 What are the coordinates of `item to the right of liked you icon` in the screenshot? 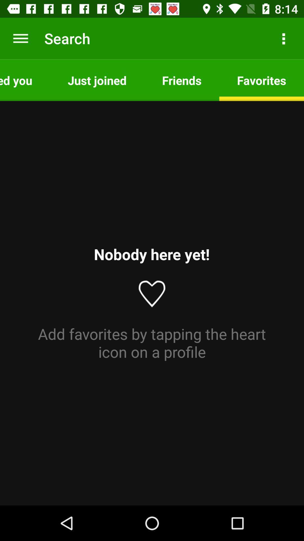 It's located at (97, 80).